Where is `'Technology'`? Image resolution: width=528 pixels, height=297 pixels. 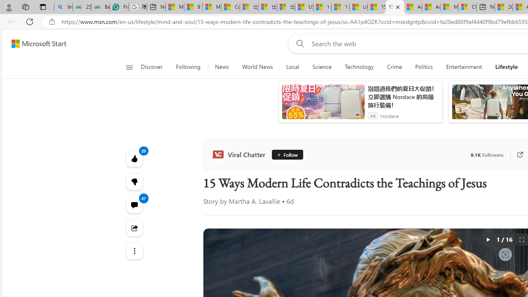 'Technology' is located at coordinates (359, 67).